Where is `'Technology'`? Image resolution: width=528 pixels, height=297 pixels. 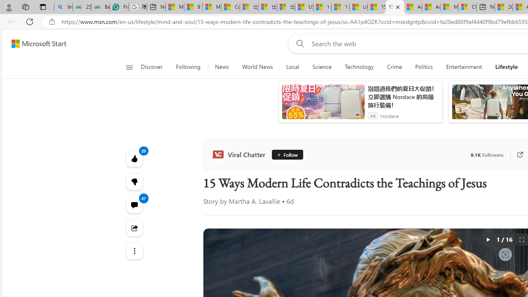 'Technology' is located at coordinates (359, 67).